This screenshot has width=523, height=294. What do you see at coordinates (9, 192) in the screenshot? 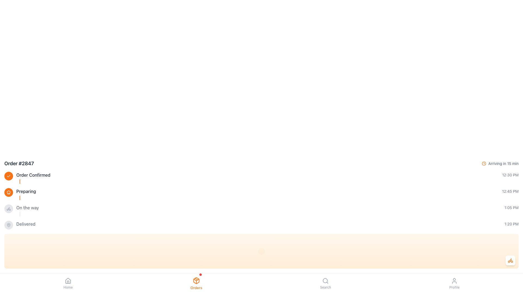
I see `the 'Orders' Pictogram button in the bottom navigation bar` at bounding box center [9, 192].